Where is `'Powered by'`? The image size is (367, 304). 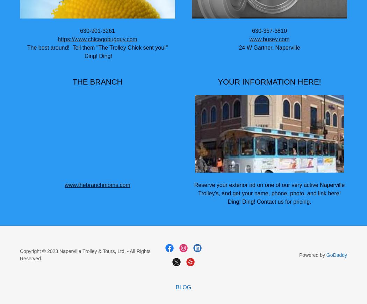 'Powered by' is located at coordinates (299, 254).